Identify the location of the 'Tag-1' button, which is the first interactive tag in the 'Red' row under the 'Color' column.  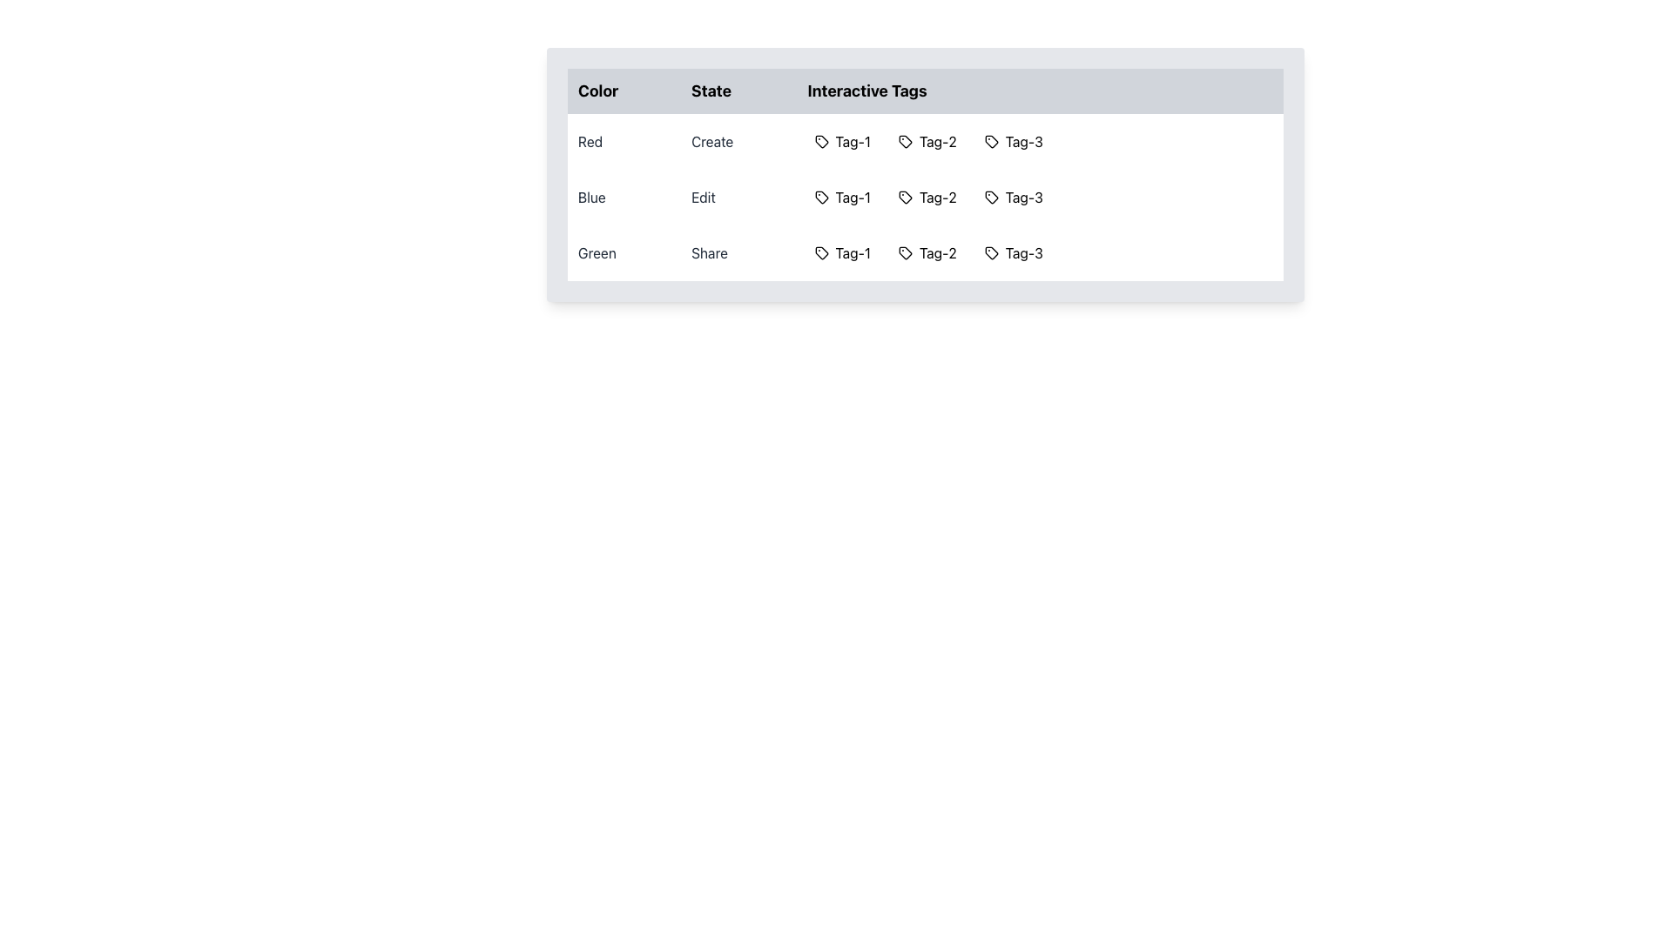
(842, 140).